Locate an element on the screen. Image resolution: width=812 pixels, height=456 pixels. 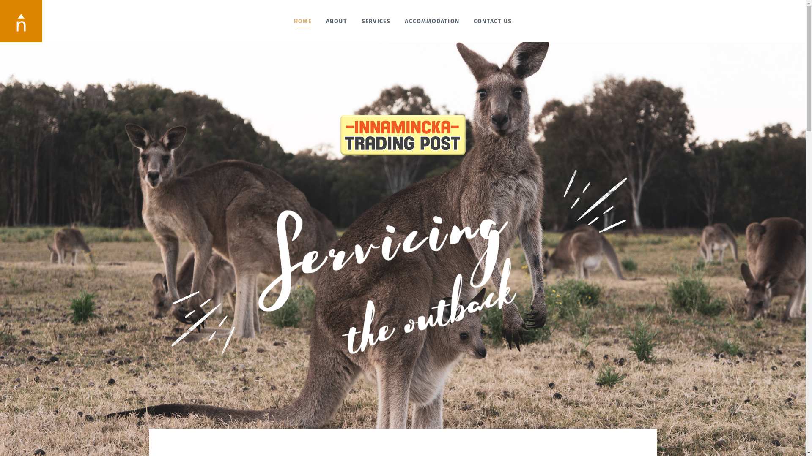
'Back to Northern Interests' is located at coordinates (21, 20).